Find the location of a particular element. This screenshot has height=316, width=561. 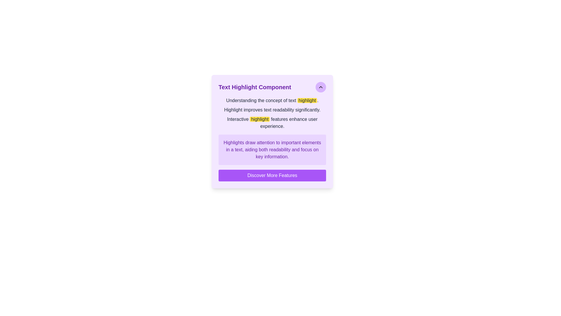

the button with the bright purple background labeled 'Discover More Features' to observe its interaction effect is located at coordinates (272, 175).